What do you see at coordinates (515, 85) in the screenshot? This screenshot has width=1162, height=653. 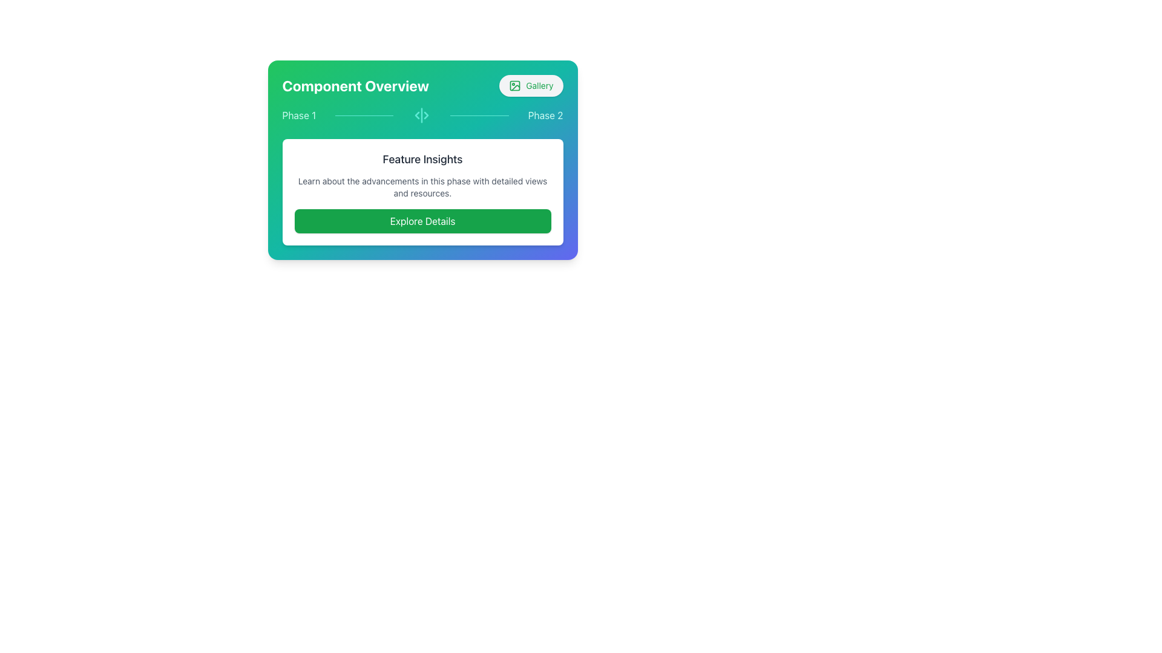 I see `the icon button located to the right of the text 'Gallery' in the header bar, which is a rectangular shape with rounded corners and possibly a green outline` at bounding box center [515, 85].